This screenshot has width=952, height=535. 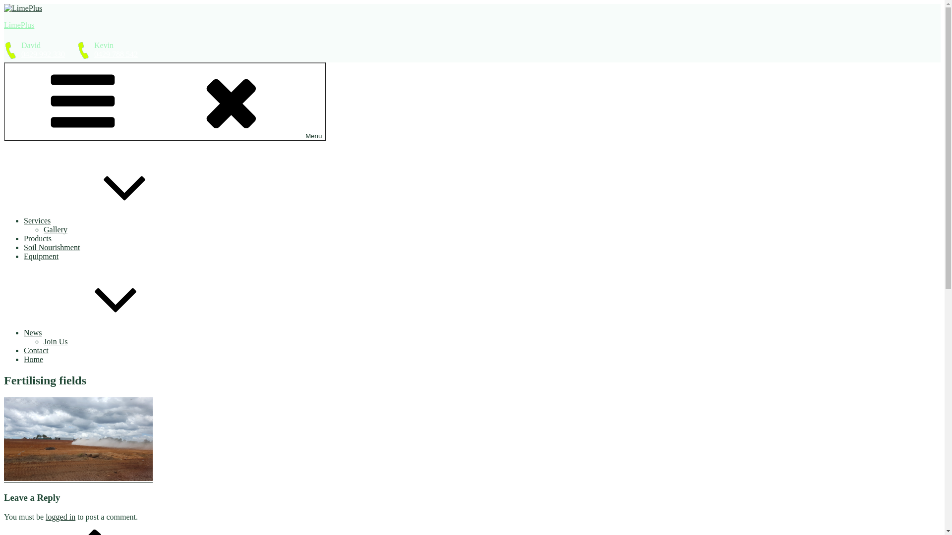 What do you see at coordinates (40, 256) in the screenshot?
I see `'Equipment'` at bounding box center [40, 256].